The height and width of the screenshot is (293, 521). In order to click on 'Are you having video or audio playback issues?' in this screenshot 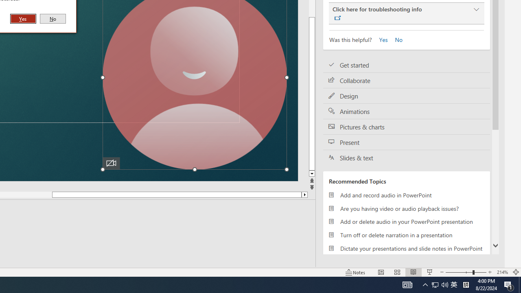, I will do `click(407, 208)`.